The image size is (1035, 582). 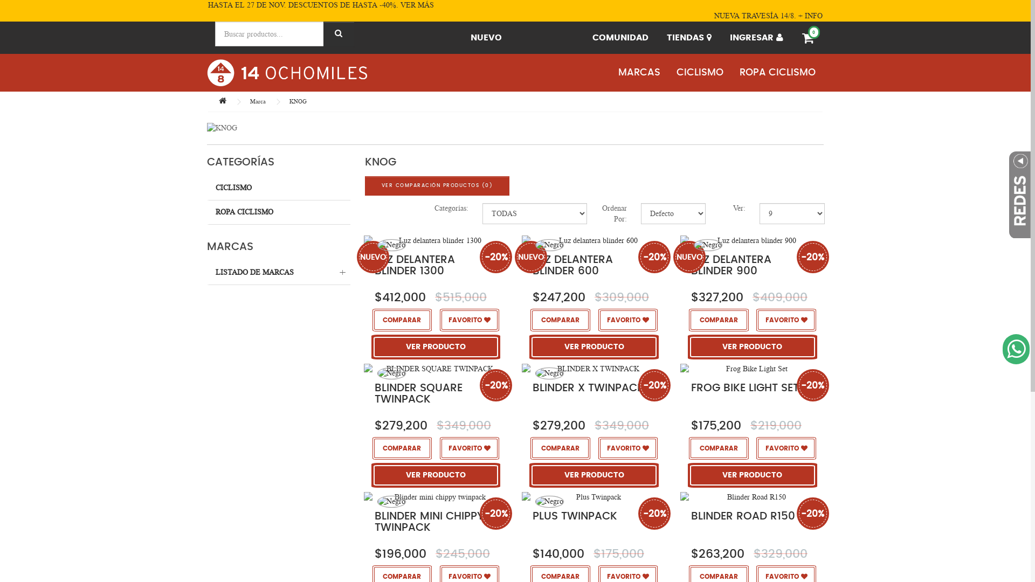 I want to click on 'TIENDAS', so click(x=688, y=37).